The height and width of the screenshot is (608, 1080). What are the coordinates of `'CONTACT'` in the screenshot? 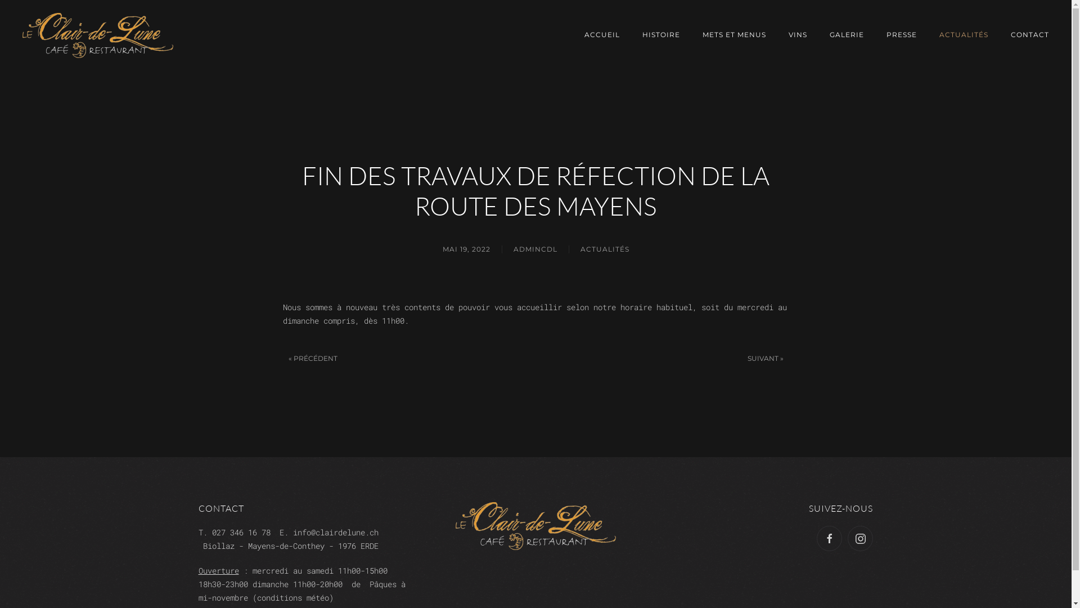 It's located at (1029, 34).